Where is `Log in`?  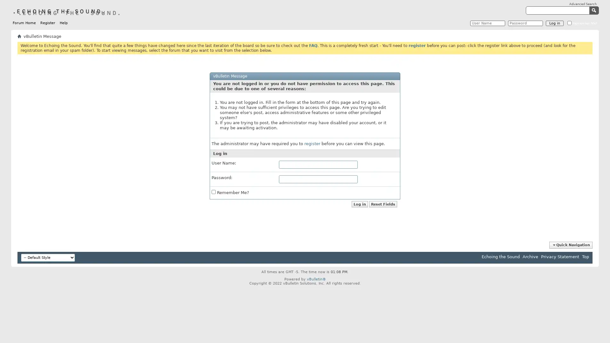 Log in is located at coordinates (360, 204).